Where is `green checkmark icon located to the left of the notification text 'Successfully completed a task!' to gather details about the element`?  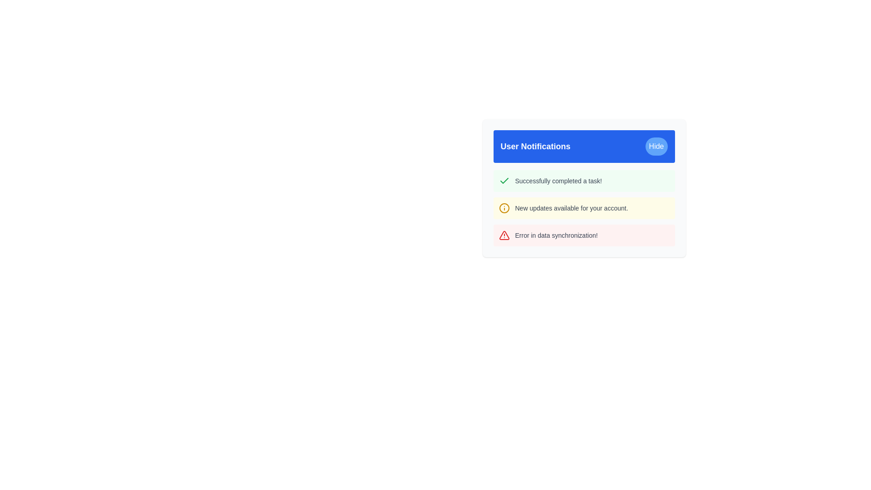
green checkmark icon located to the left of the notification text 'Successfully completed a task!' to gather details about the element is located at coordinates (504, 181).